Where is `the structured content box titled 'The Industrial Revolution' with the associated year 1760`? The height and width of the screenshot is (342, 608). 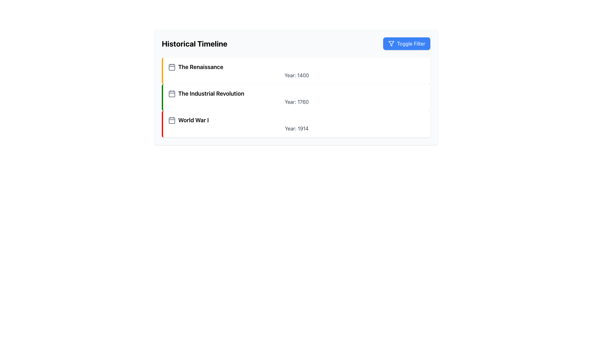
the structured content box titled 'The Industrial Revolution' with the associated year 1760 is located at coordinates (296, 87).